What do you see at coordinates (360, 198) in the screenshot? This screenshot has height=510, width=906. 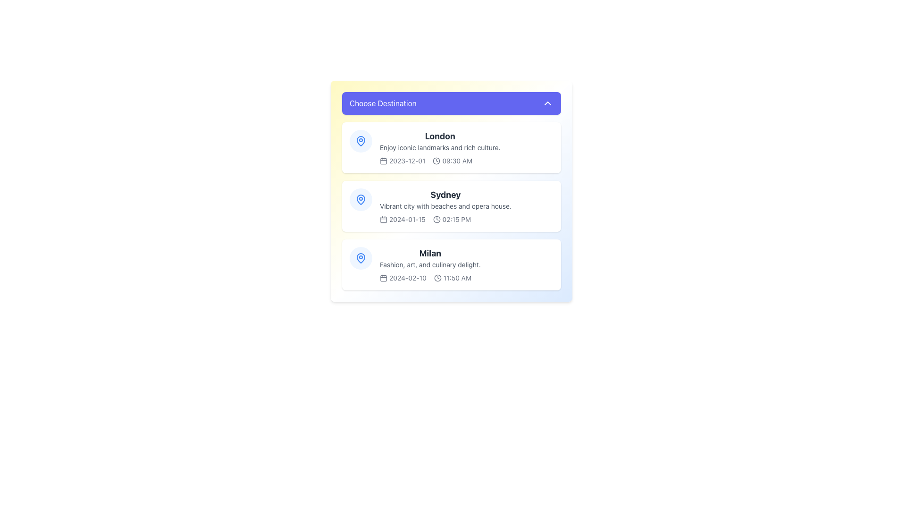 I see `the decorative SVG map pin icon indicating 'Sydney' in the vertical list of selectable options` at bounding box center [360, 198].